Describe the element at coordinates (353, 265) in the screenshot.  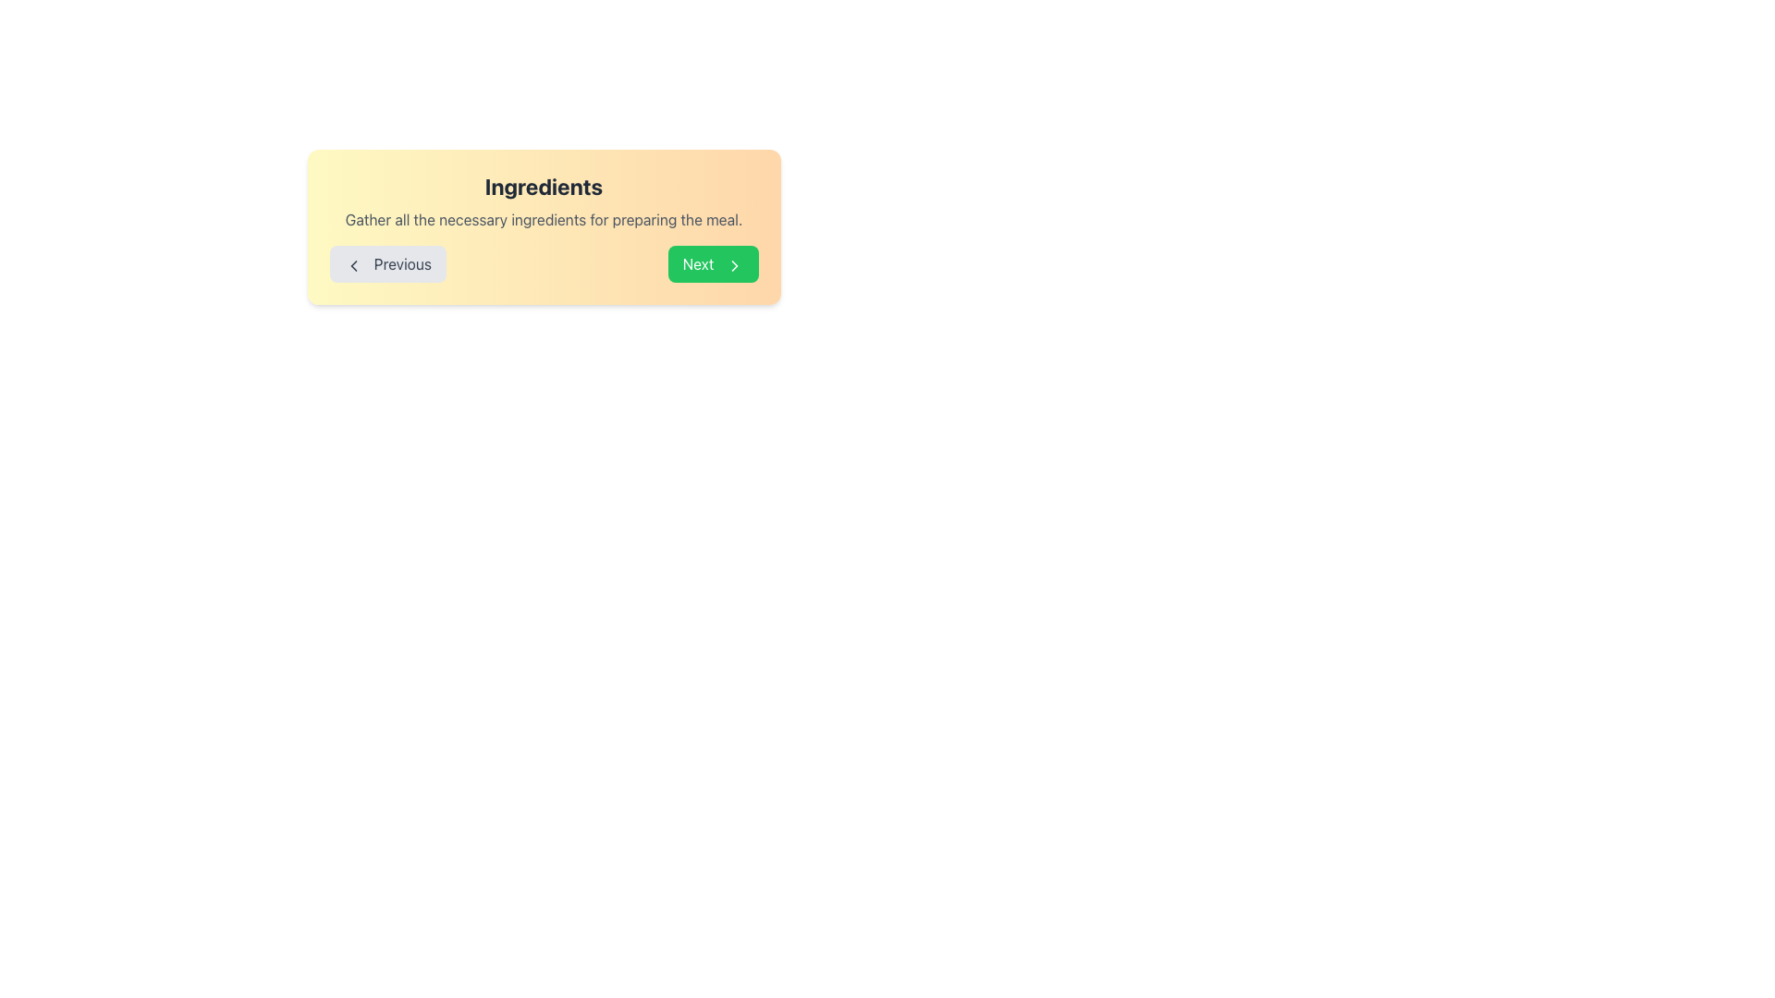
I see `the 'Previous' button which contains the left-facing arrow icon with a thin outline and no fill, located on the left side of the button` at that location.